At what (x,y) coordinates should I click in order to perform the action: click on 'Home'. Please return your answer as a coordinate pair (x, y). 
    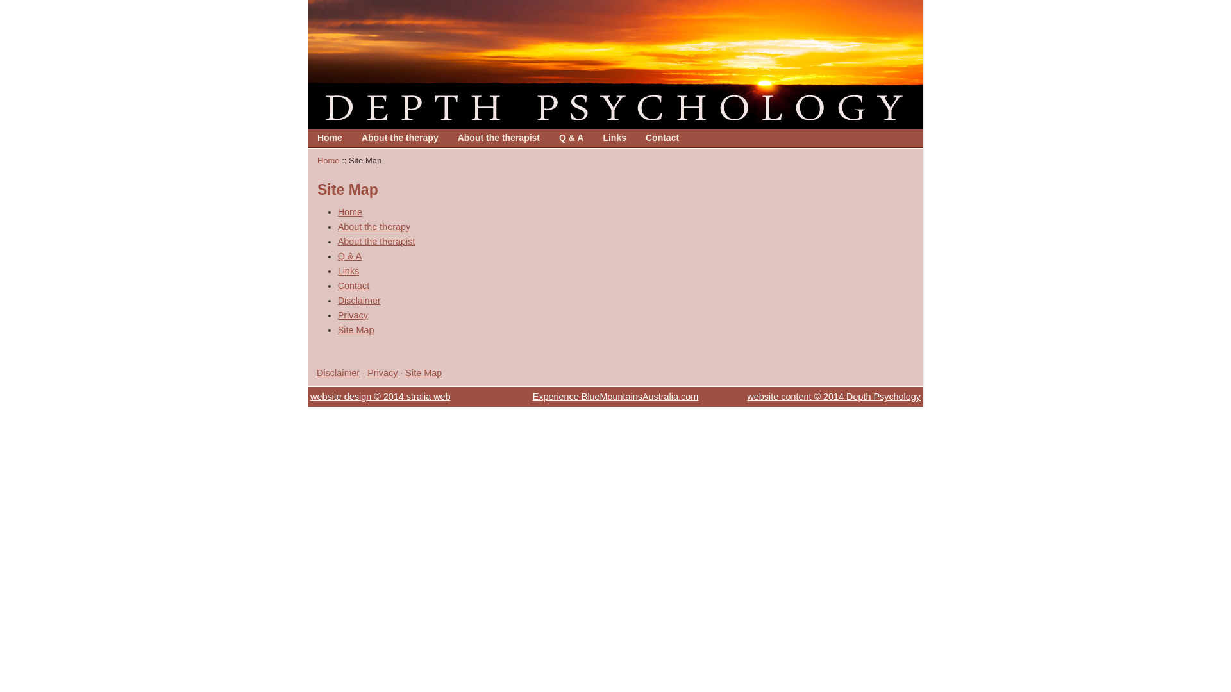
    Looking at the image, I should click on (350, 211).